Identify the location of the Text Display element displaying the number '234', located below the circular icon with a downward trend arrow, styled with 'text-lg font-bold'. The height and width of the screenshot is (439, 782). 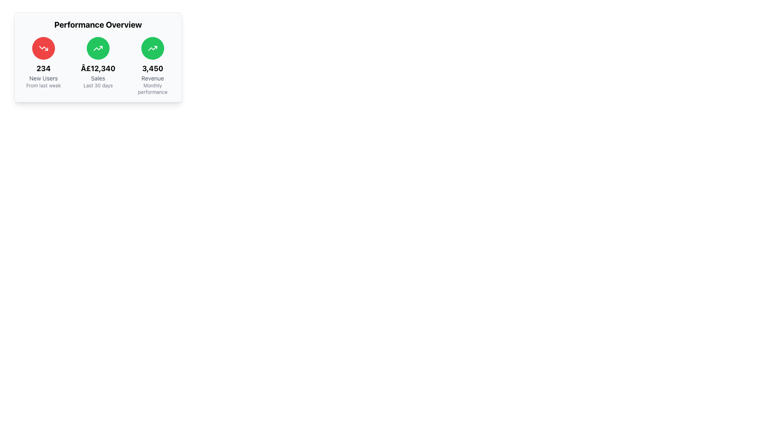
(43, 68).